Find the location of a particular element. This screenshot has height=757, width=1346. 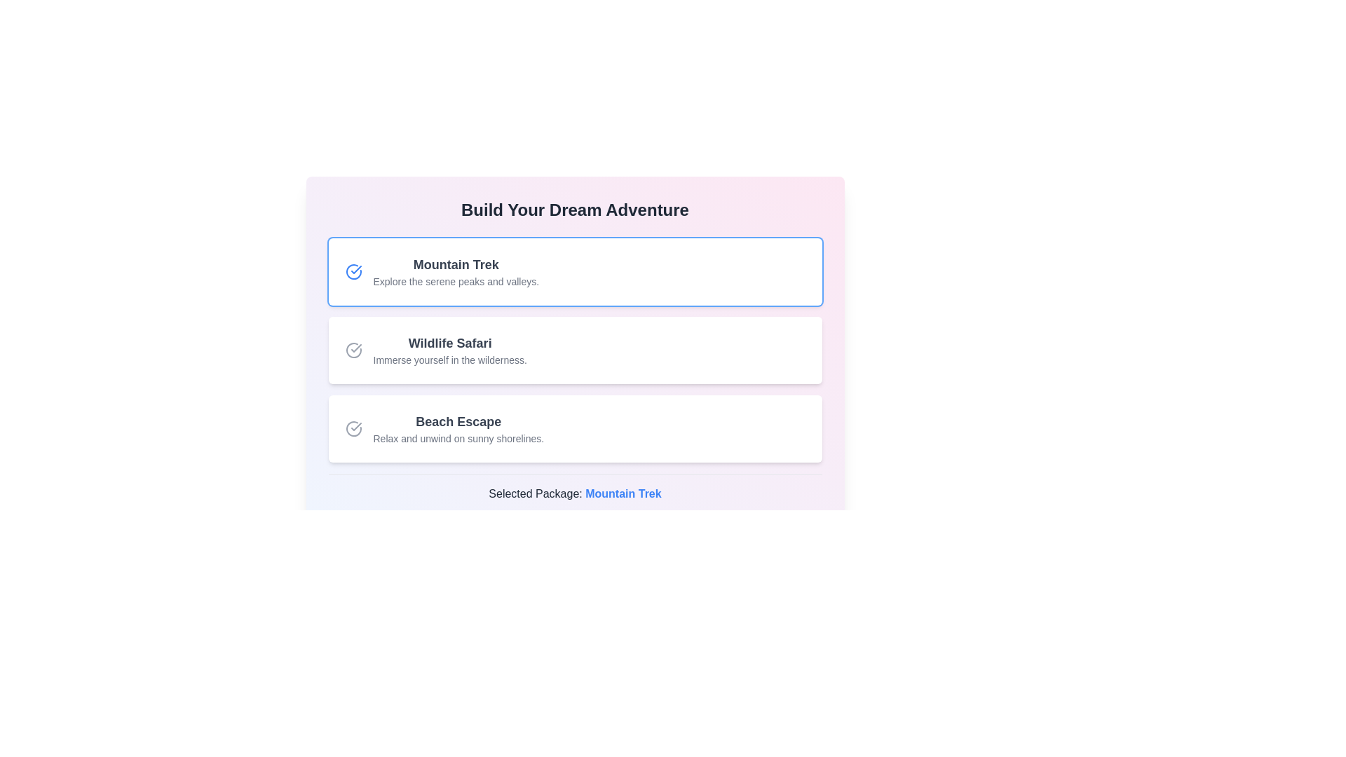

the Text label that serves as the title for the third card in the vertical list of options is located at coordinates (458, 421).